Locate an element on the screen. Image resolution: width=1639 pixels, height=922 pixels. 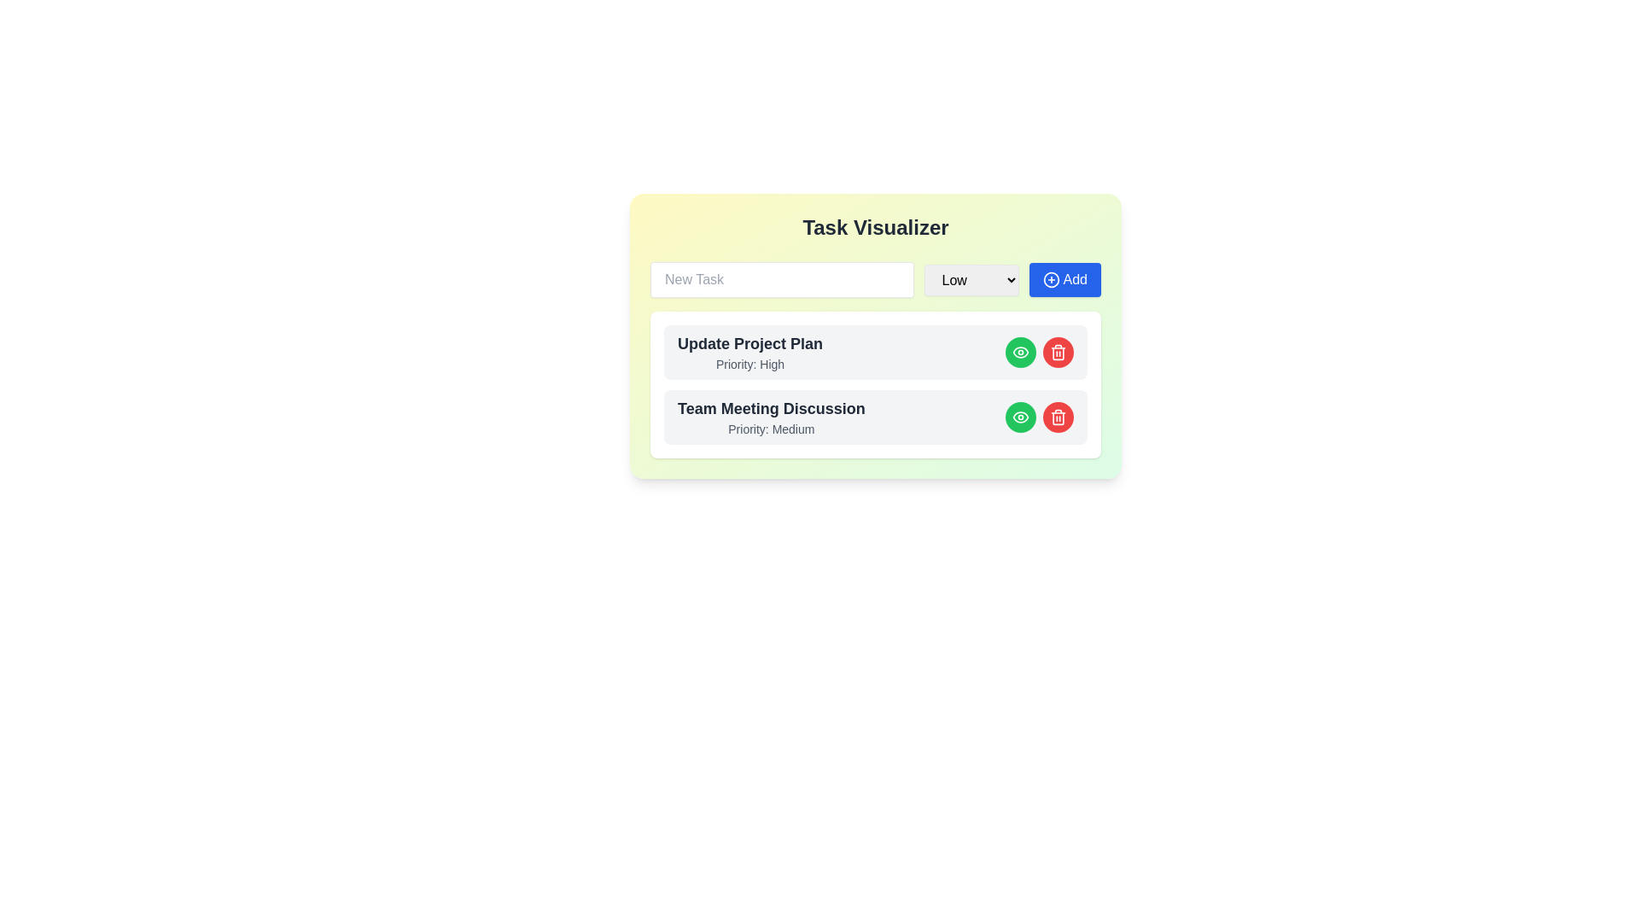
the eye icon button, which is a minimalist circular element located on a green circular button in the task bar, to trigger the tooltip or highlight effect is located at coordinates (1020, 351).